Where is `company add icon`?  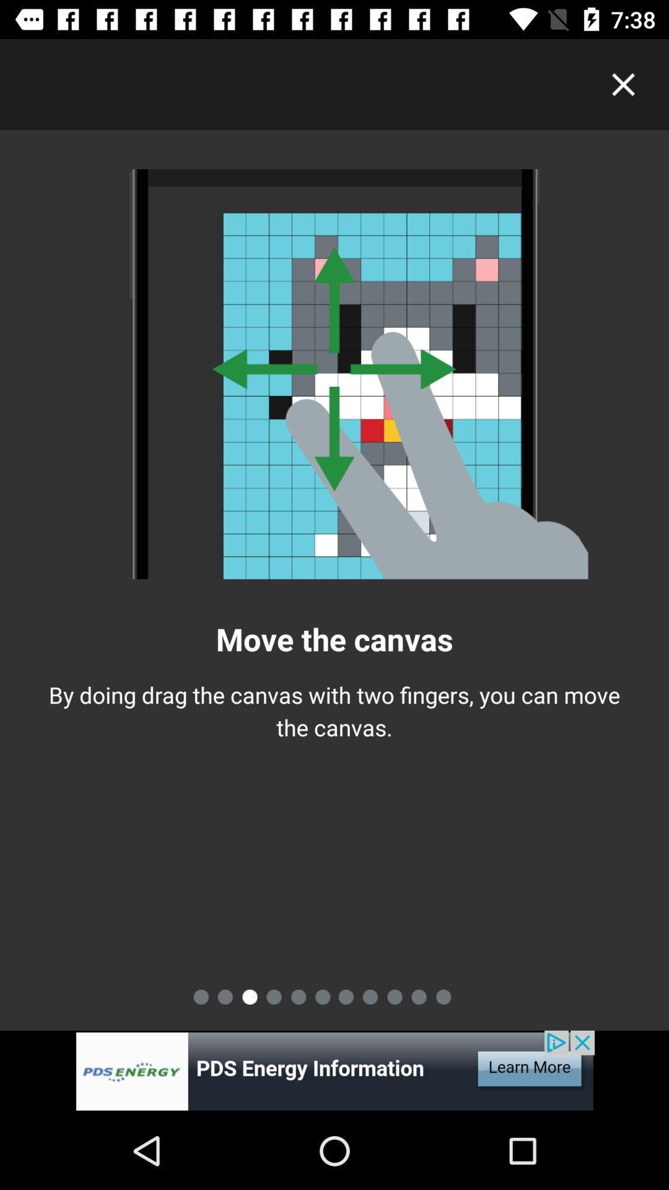 company add icon is located at coordinates (334, 1070).